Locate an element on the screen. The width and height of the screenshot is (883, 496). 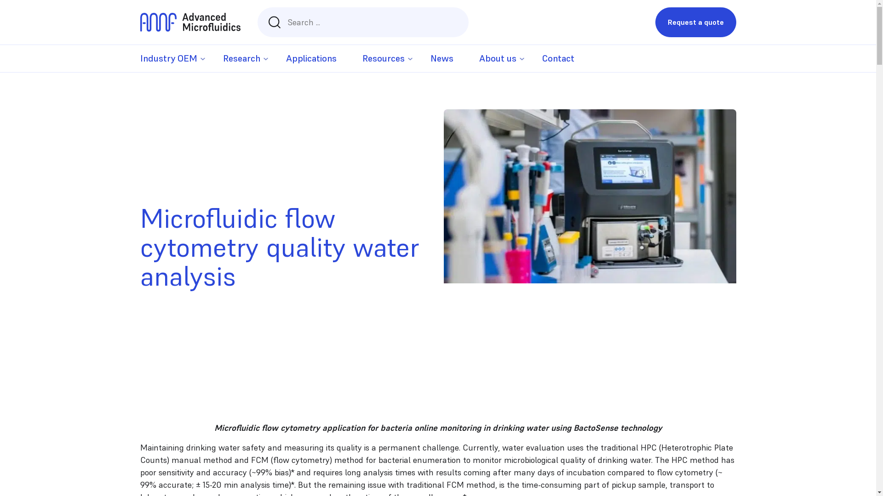
'Applications' is located at coordinates (311, 58).